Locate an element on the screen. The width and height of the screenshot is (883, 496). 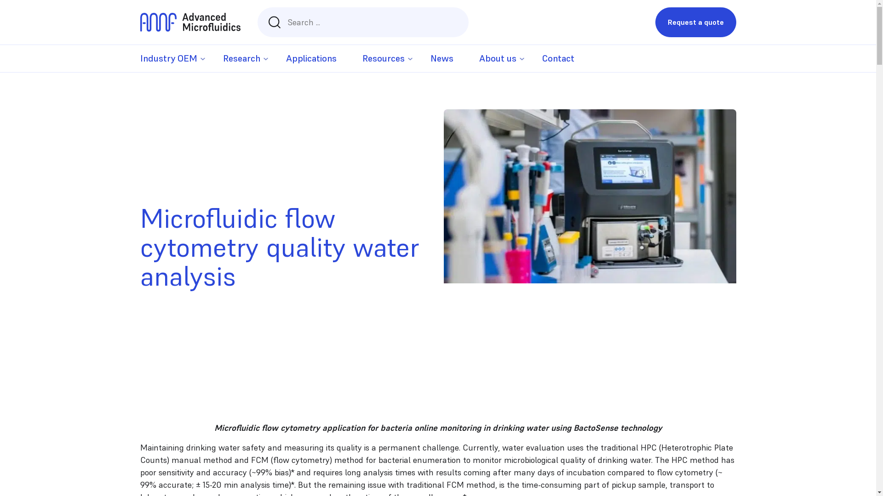
'Applications' is located at coordinates (311, 58).